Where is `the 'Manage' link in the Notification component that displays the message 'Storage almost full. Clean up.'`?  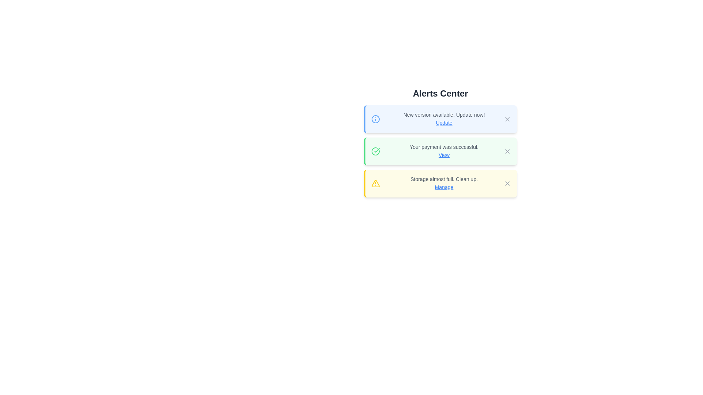
the 'Manage' link in the Notification component that displays the message 'Storage almost full. Clean up.' is located at coordinates (440, 183).